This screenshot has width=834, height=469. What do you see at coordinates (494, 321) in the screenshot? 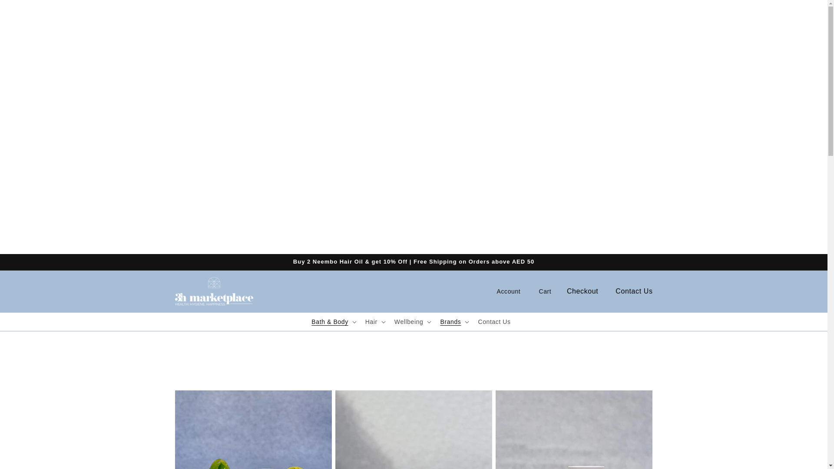
I see `'Contact Us'` at bounding box center [494, 321].